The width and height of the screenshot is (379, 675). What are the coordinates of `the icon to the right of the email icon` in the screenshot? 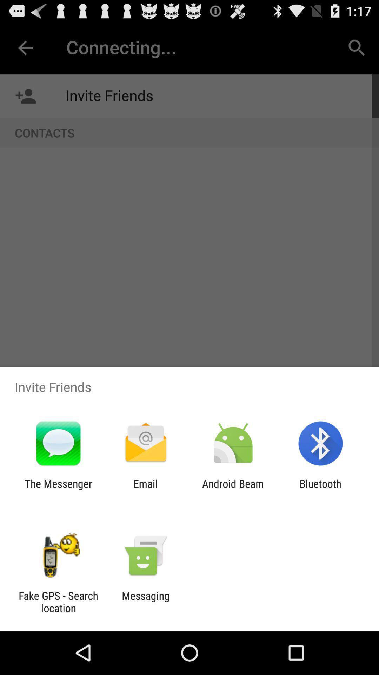 It's located at (233, 489).